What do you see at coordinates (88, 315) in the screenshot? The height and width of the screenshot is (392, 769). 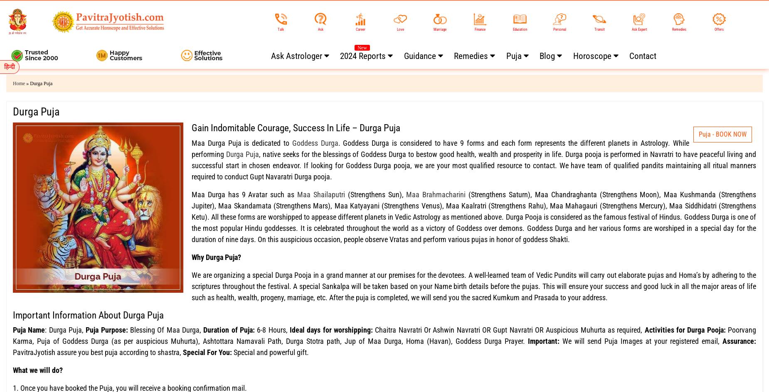 I see `'Important Information About Durga Puja'` at bounding box center [88, 315].